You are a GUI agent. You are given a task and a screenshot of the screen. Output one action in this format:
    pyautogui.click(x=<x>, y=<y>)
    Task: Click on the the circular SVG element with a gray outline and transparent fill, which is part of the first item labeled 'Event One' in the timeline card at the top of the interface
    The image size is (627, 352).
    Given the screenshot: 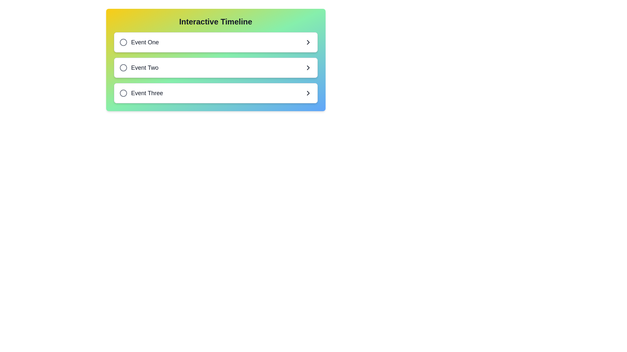 What is the action you would take?
    pyautogui.click(x=123, y=42)
    